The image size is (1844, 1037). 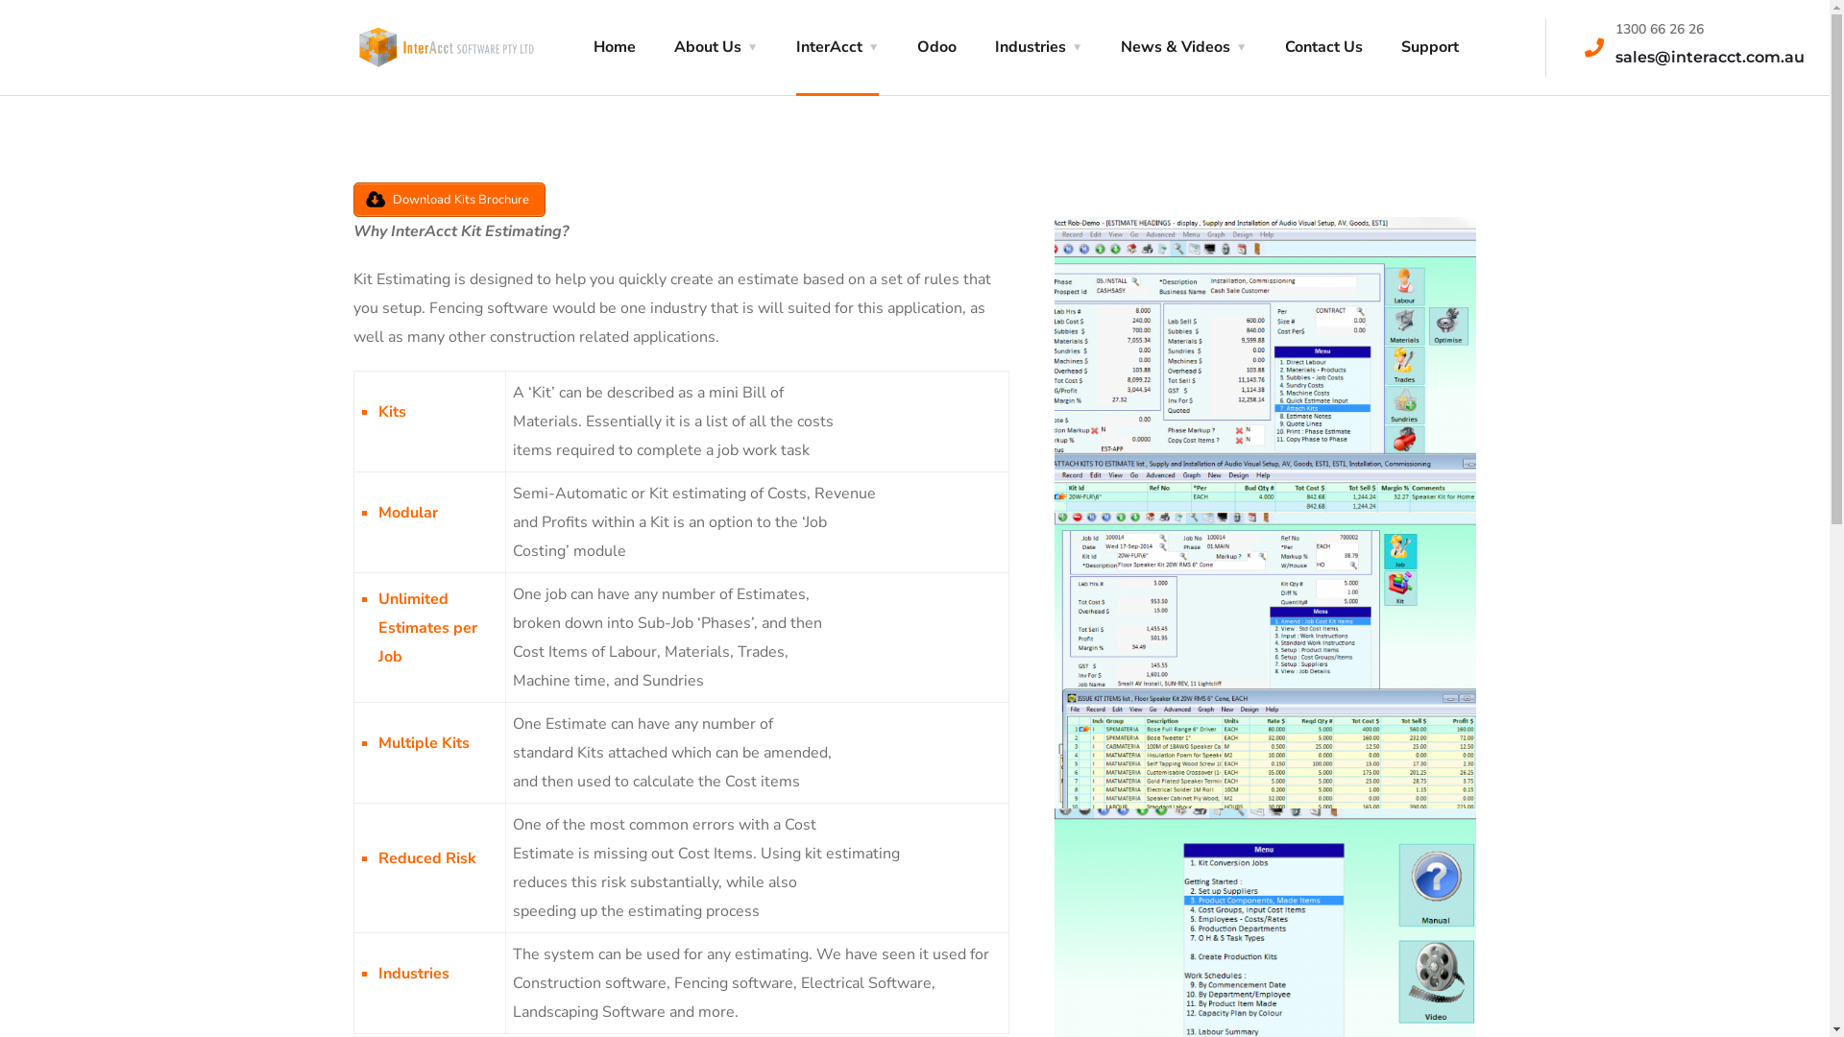 I want to click on 'Home', so click(x=613, y=46).